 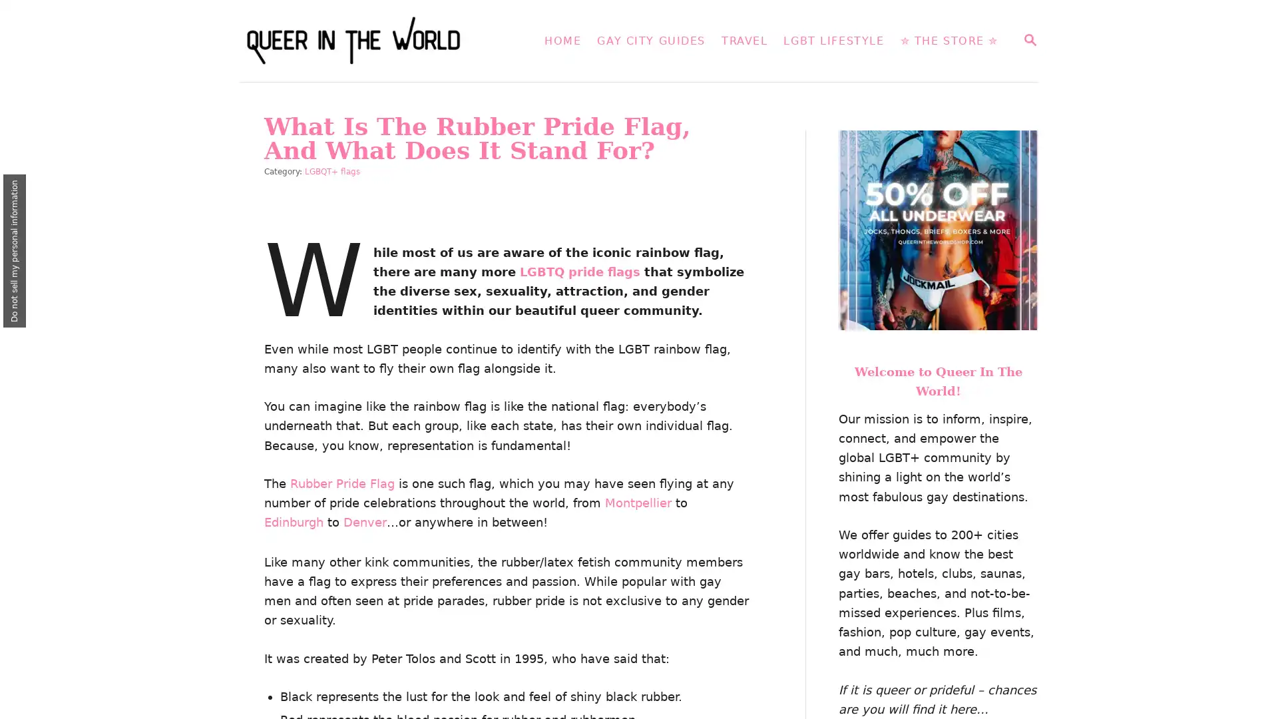 I want to click on Open Grow Menu, so click(x=1251, y=692).